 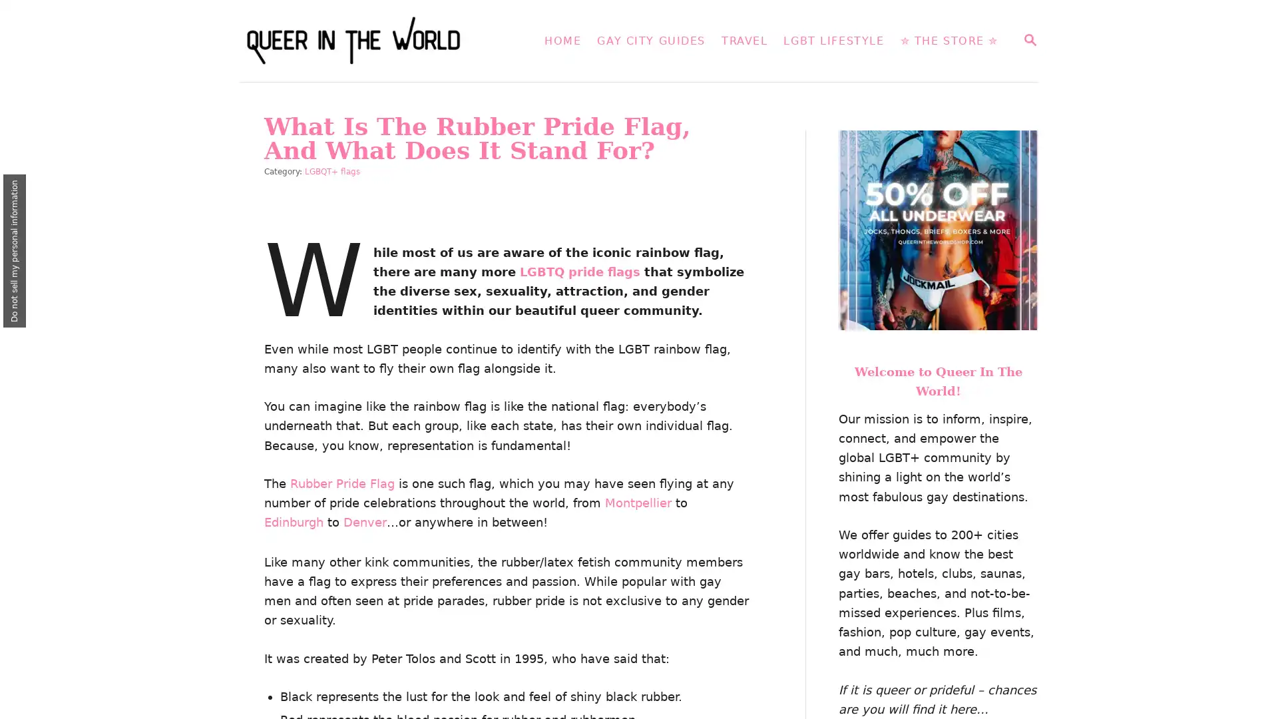 I want to click on Open Grow Menu, so click(x=1251, y=692).